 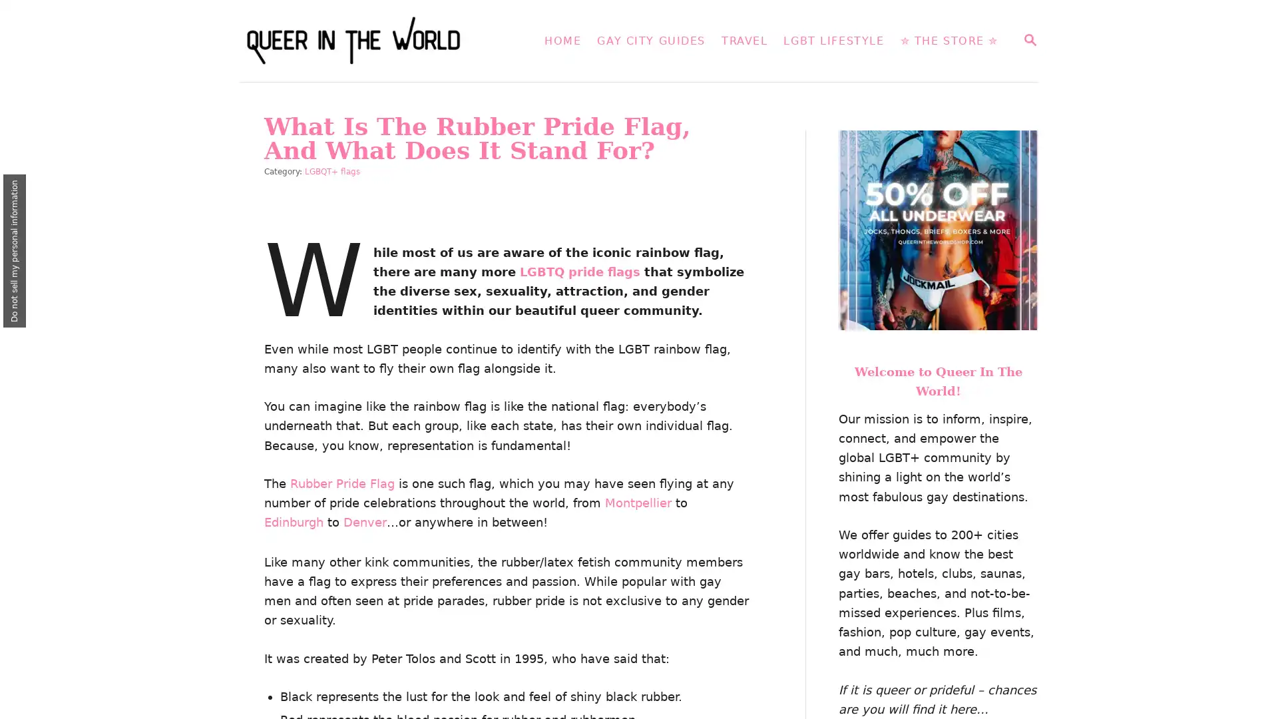 I want to click on Open Grow Menu, so click(x=1251, y=692).